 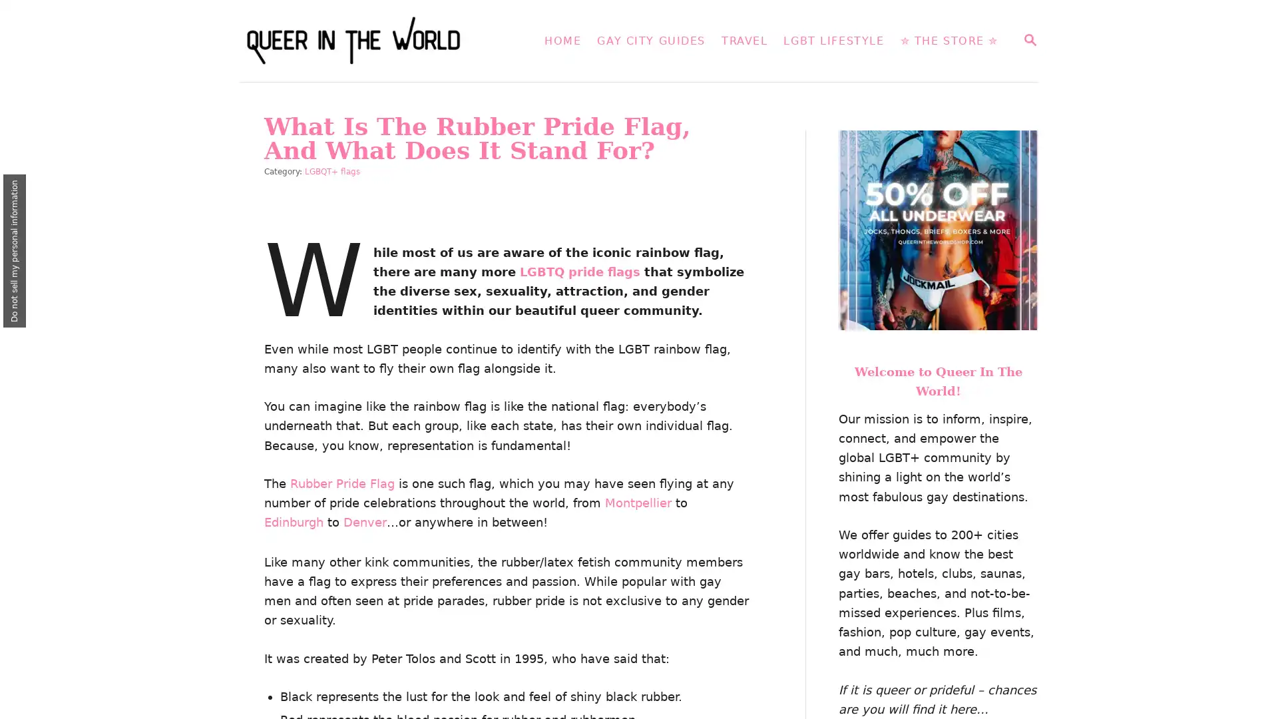 I want to click on Open Grow Menu, so click(x=1251, y=692).